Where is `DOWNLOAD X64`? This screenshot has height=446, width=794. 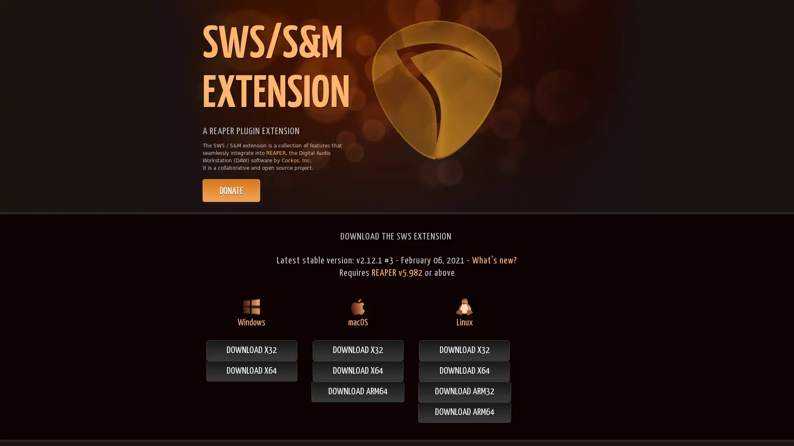 DOWNLOAD X64 is located at coordinates (264, 370).